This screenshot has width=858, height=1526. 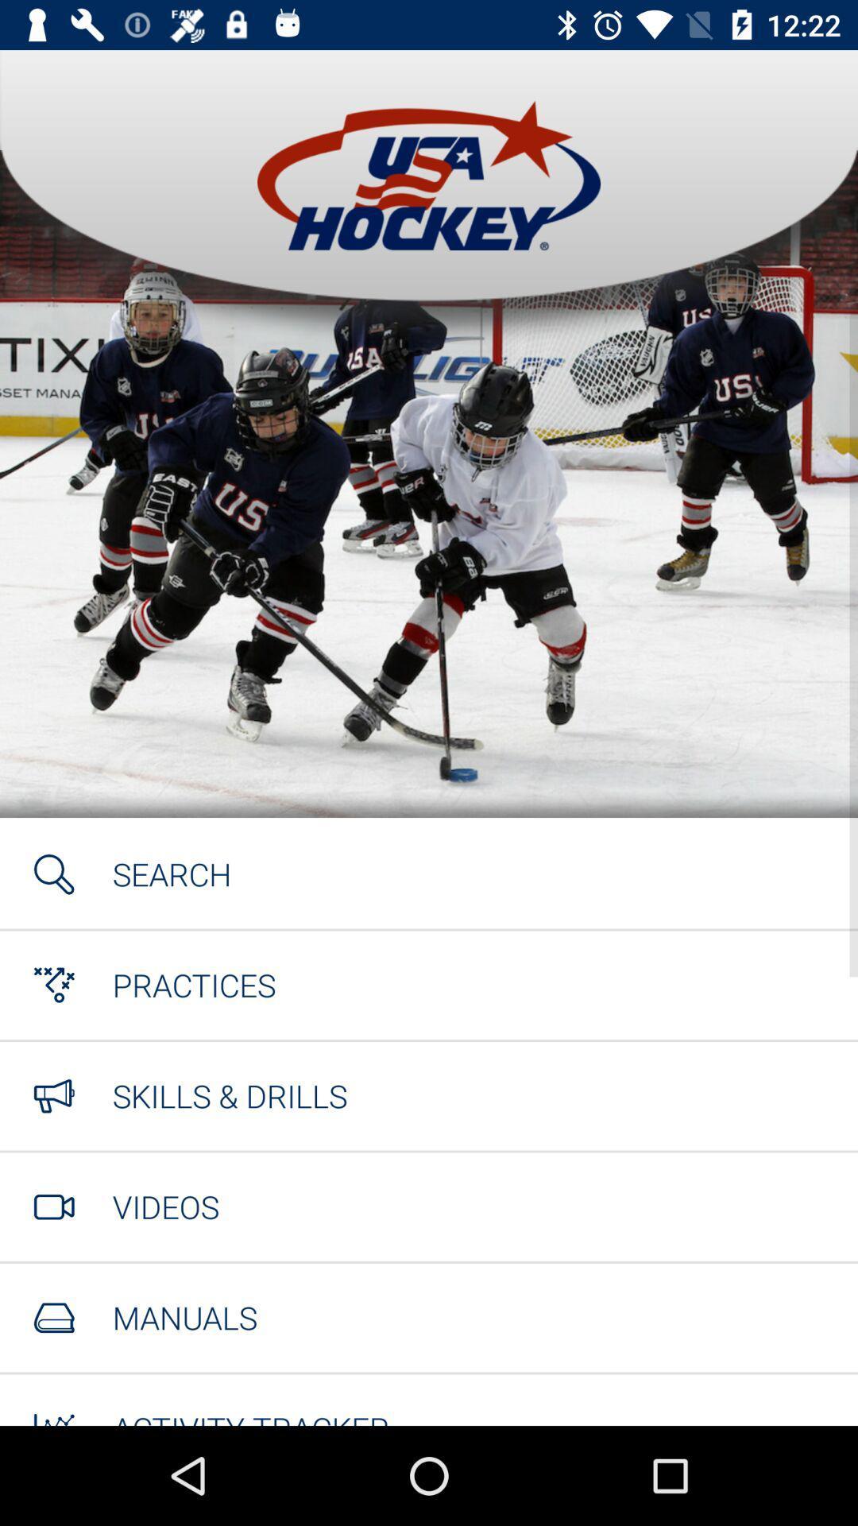 I want to click on icon above activity tracker, so click(x=184, y=1317).